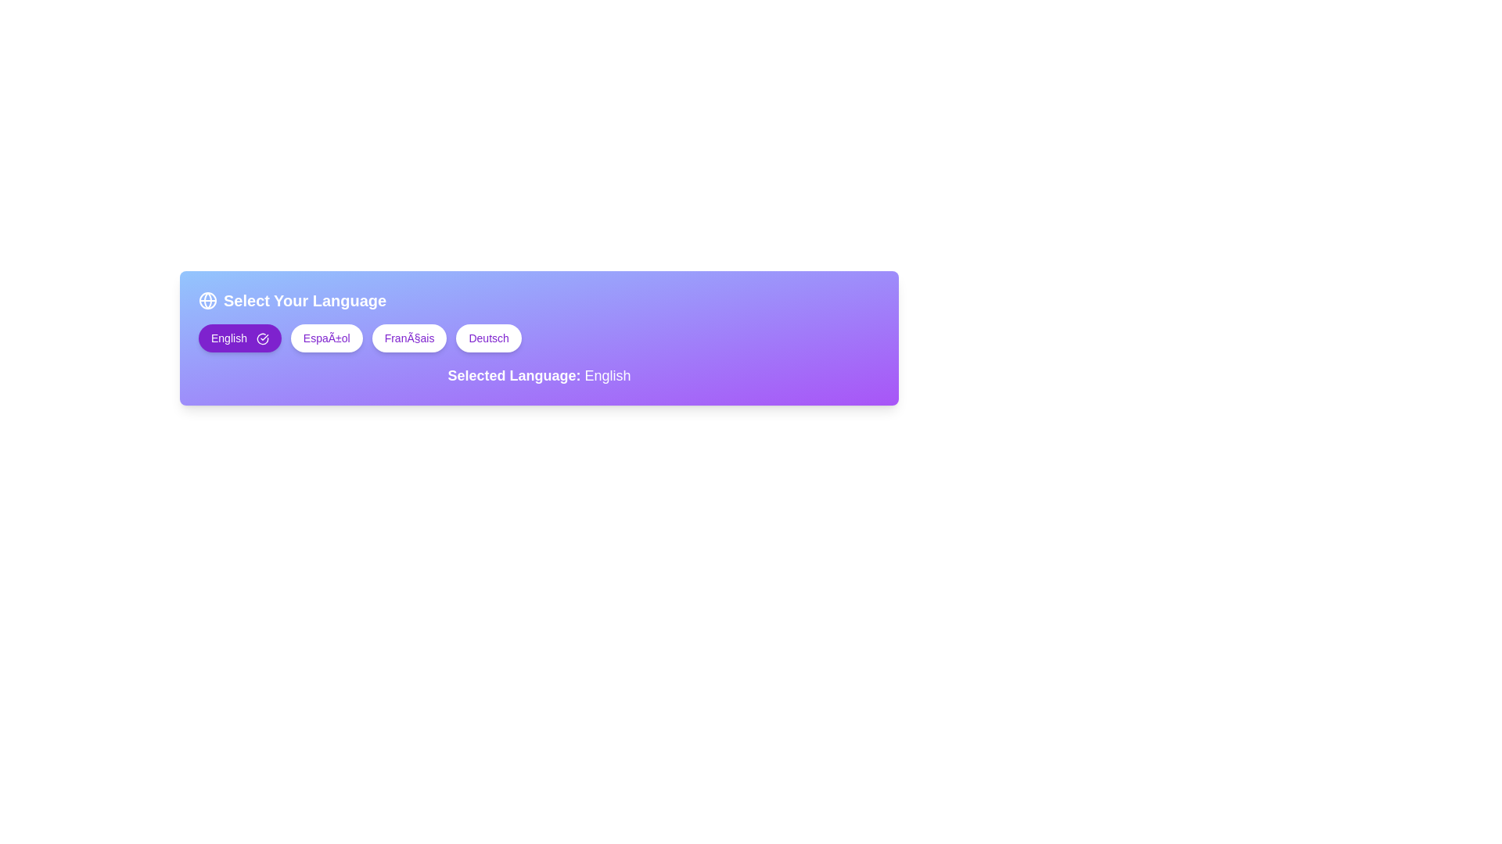 The image size is (1502, 844). What do you see at coordinates (207, 301) in the screenshot?
I see `the globe icon representing language options, located to the left of the text 'Select Your Language'` at bounding box center [207, 301].